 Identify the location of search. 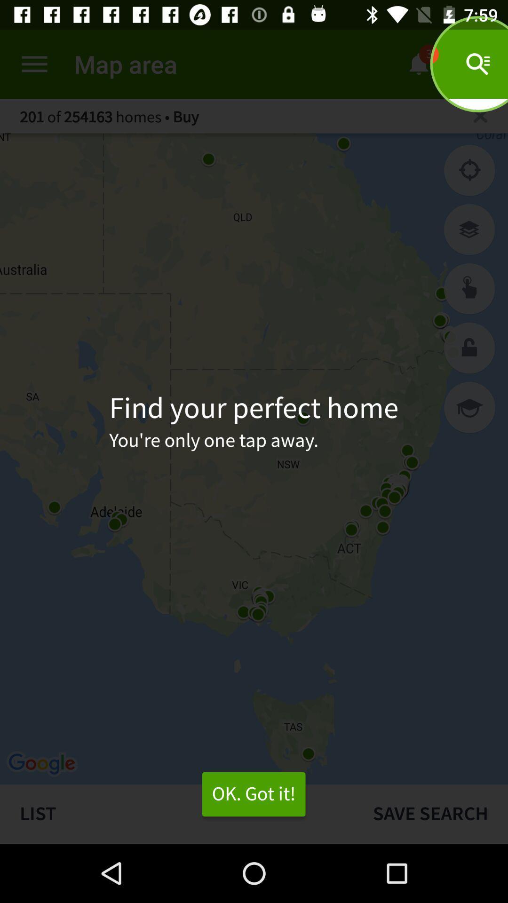
(469, 288).